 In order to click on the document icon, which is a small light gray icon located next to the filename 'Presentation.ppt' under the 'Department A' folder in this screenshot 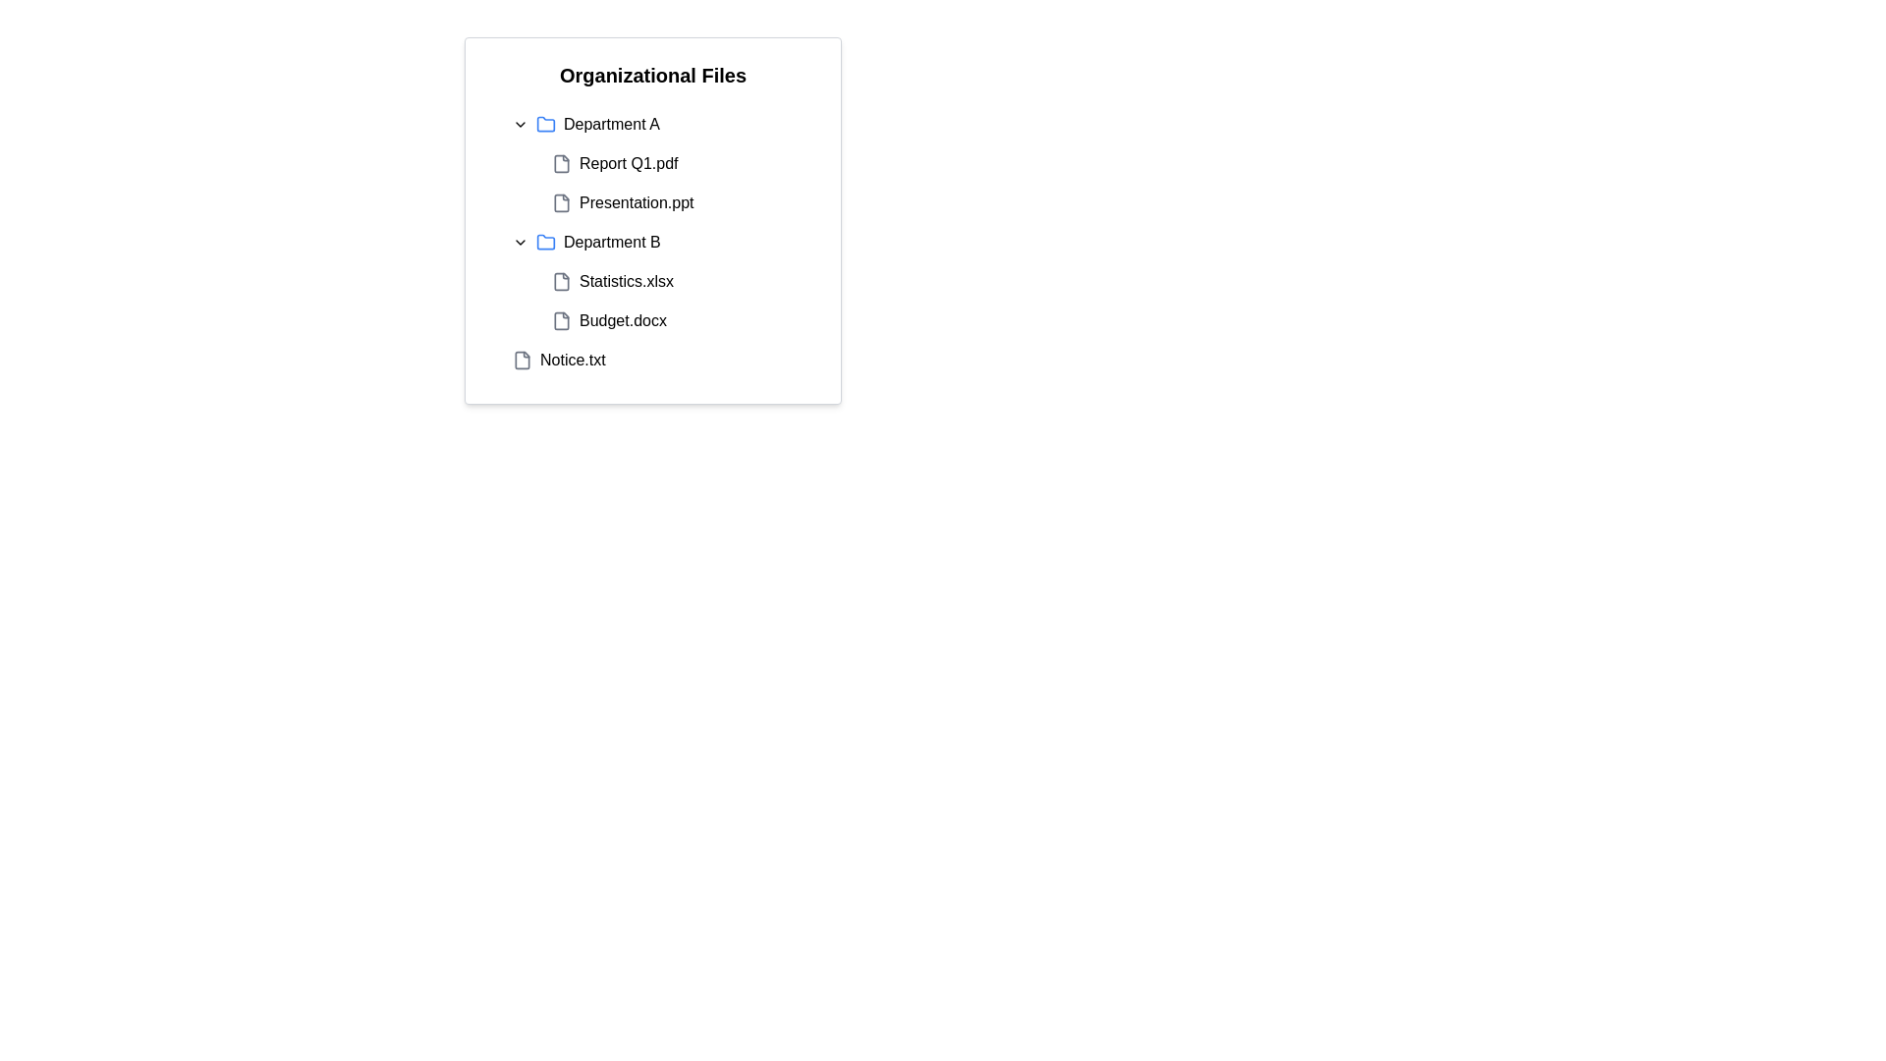, I will do `click(560, 203)`.